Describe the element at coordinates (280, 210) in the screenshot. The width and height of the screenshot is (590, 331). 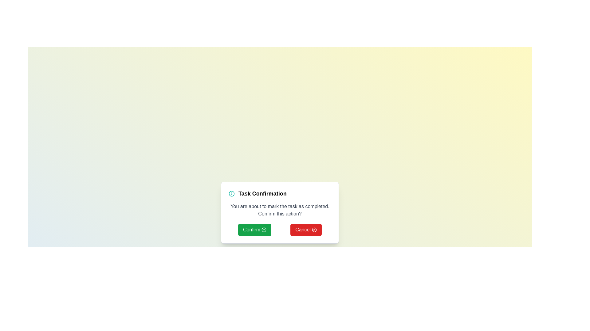
I see `static text located in the center of the modal dialog, which informs the user about the consequences of their actions and seeks to confirm their intent to proceed` at that location.